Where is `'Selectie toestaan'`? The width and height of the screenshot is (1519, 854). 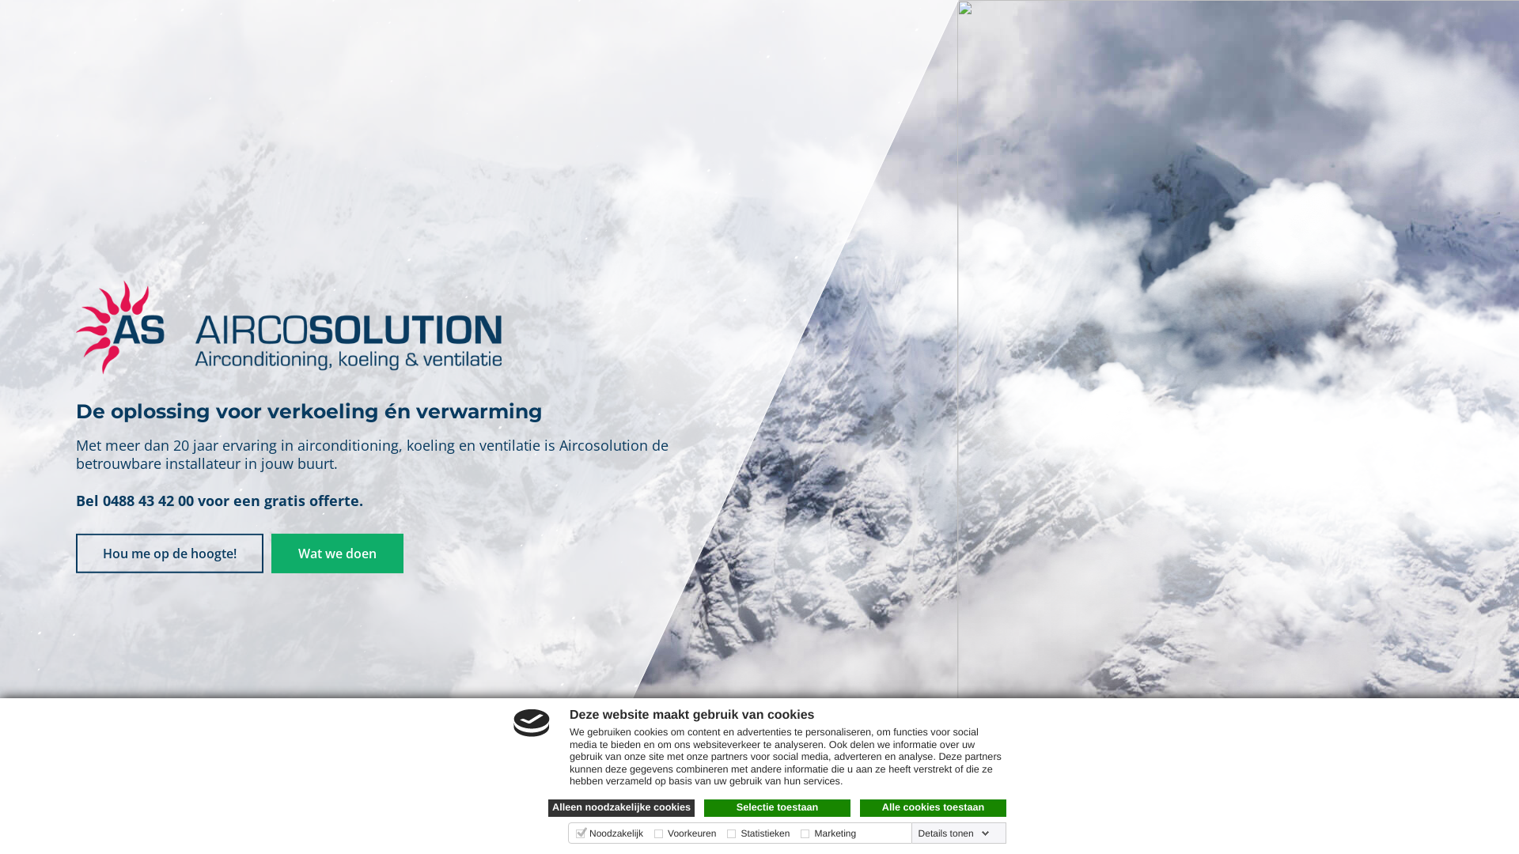 'Selectie toestaan' is located at coordinates (777, 808).